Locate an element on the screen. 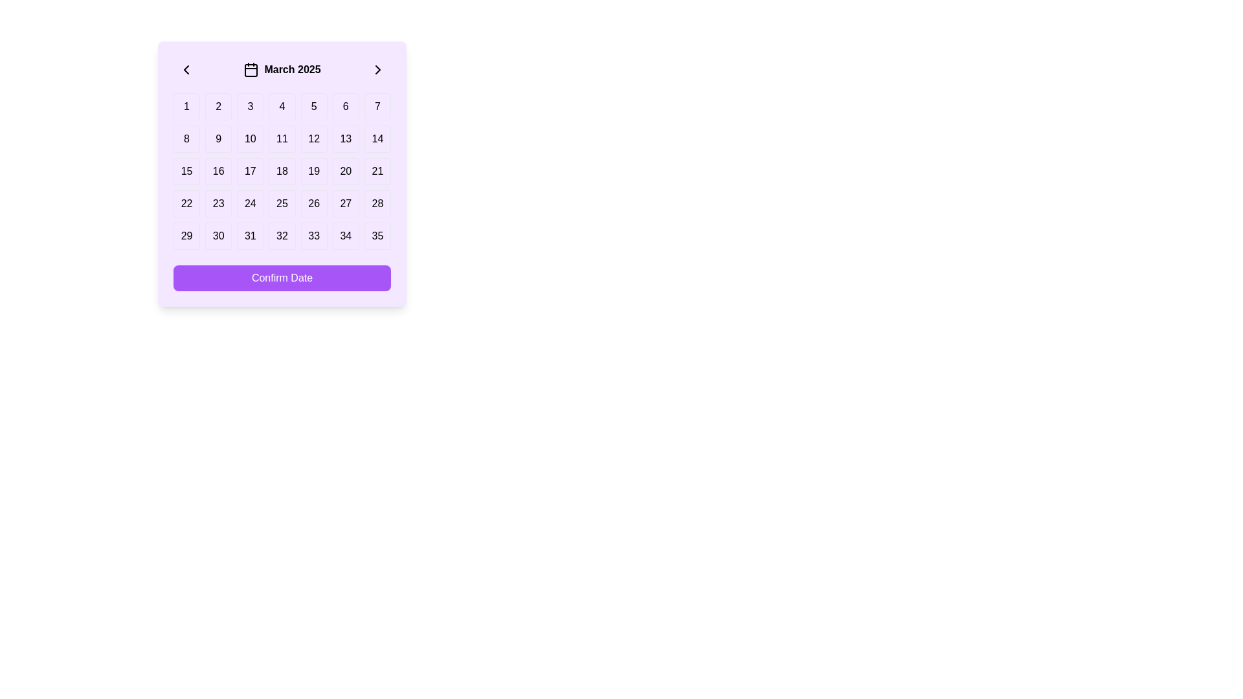 The image size is (1243, 699). the leftmost chevron button in the calendar navigation is located at coordinates (186, 70).